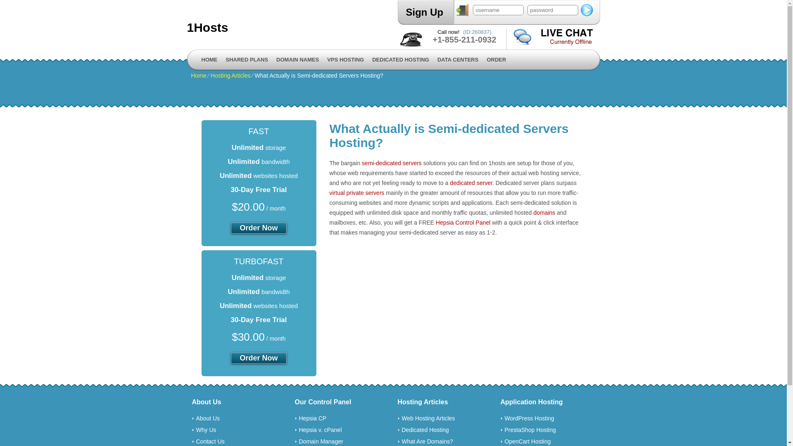 The width and height of the screenshot is (793, 446). What do you see at coordinates (361, 163) in the screenshot?
I see `'semi-dedicated servers'` at bounding box center [361, 163].